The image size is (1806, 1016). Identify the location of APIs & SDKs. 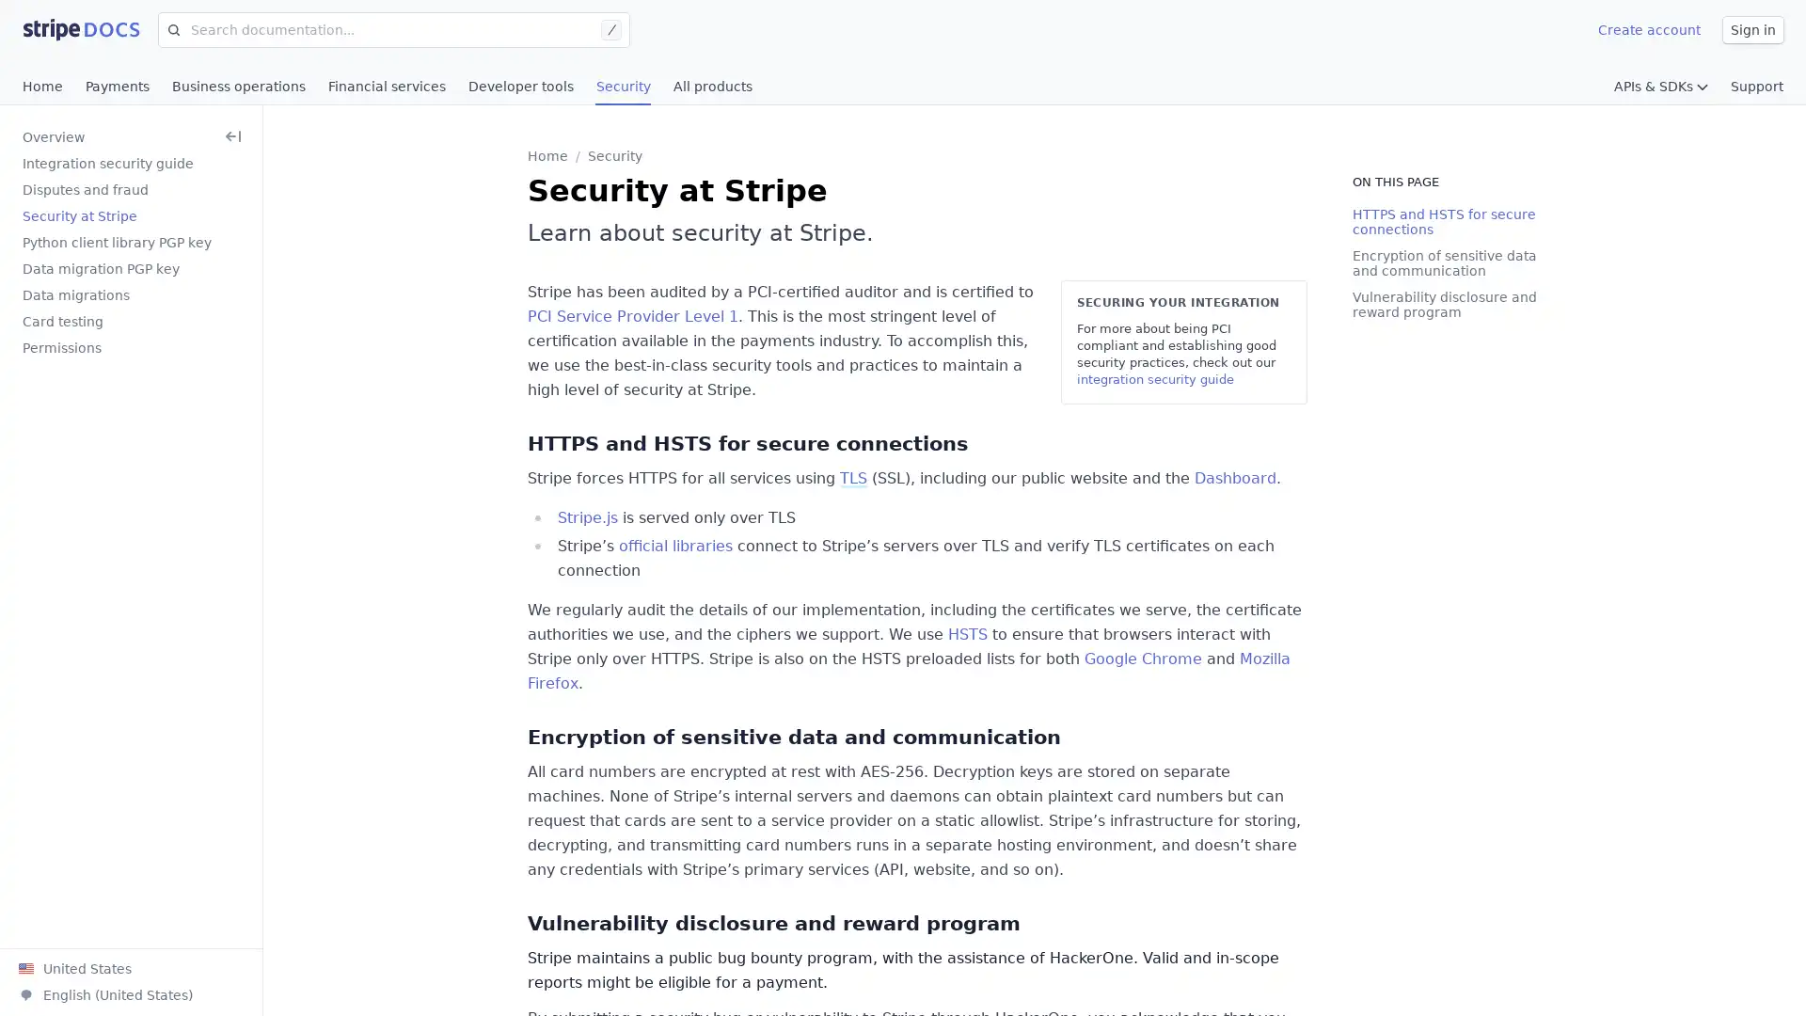
(1661, 87).